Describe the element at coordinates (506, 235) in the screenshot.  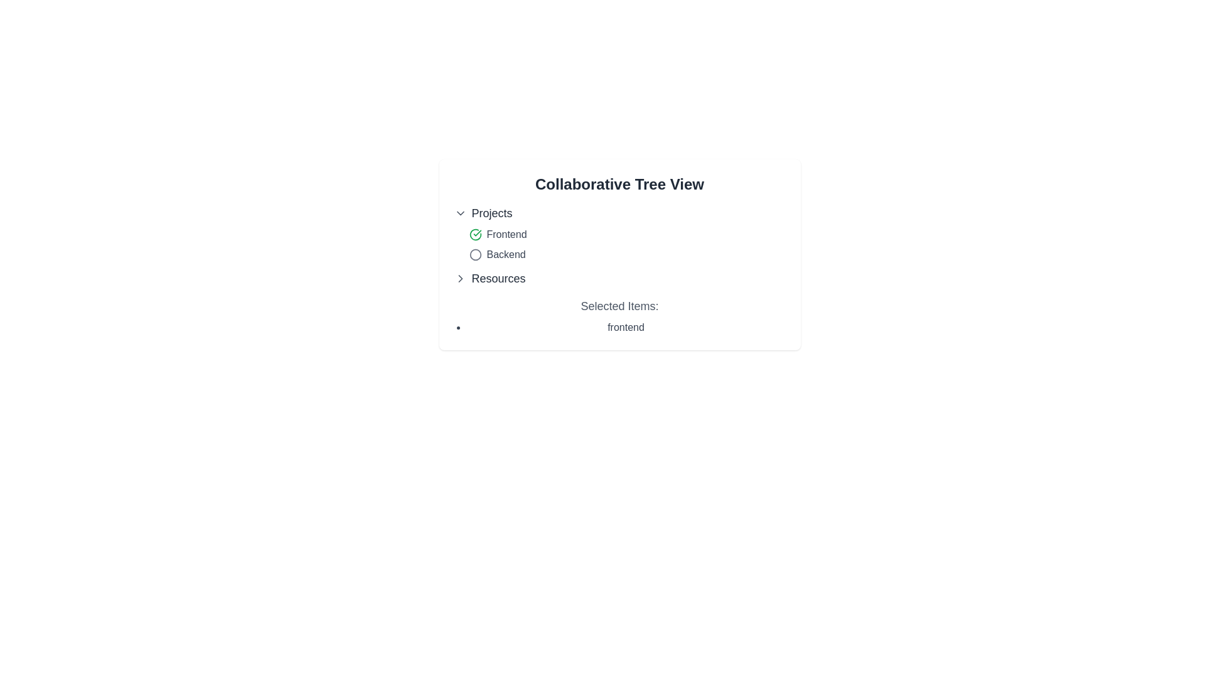
I see `text label representing an item in the 'Projects' section of the 'Collaborative Tree View', located beside a green checkmark icon and above the 'Backend' entry` at that location.